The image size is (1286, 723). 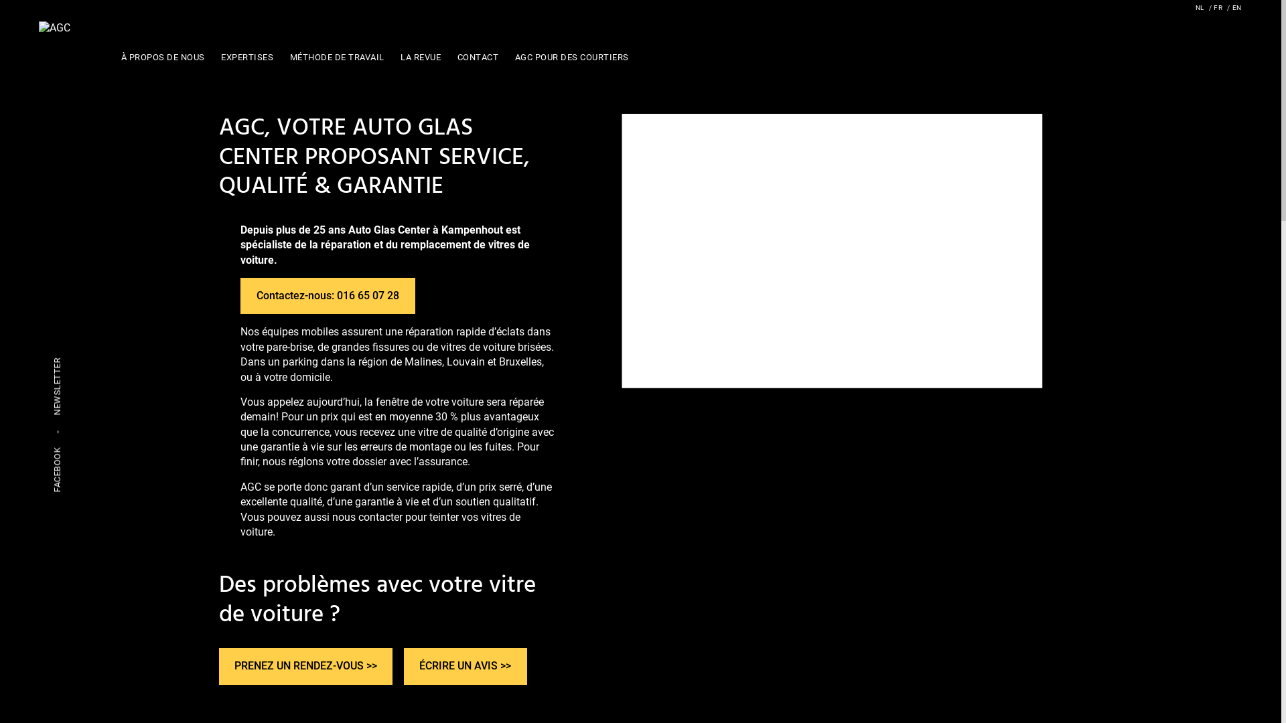 What do you see at coordinates (56, 386) in the screenshot?
I see `'NEWSLETTER'` at bounding box center [56, 386].